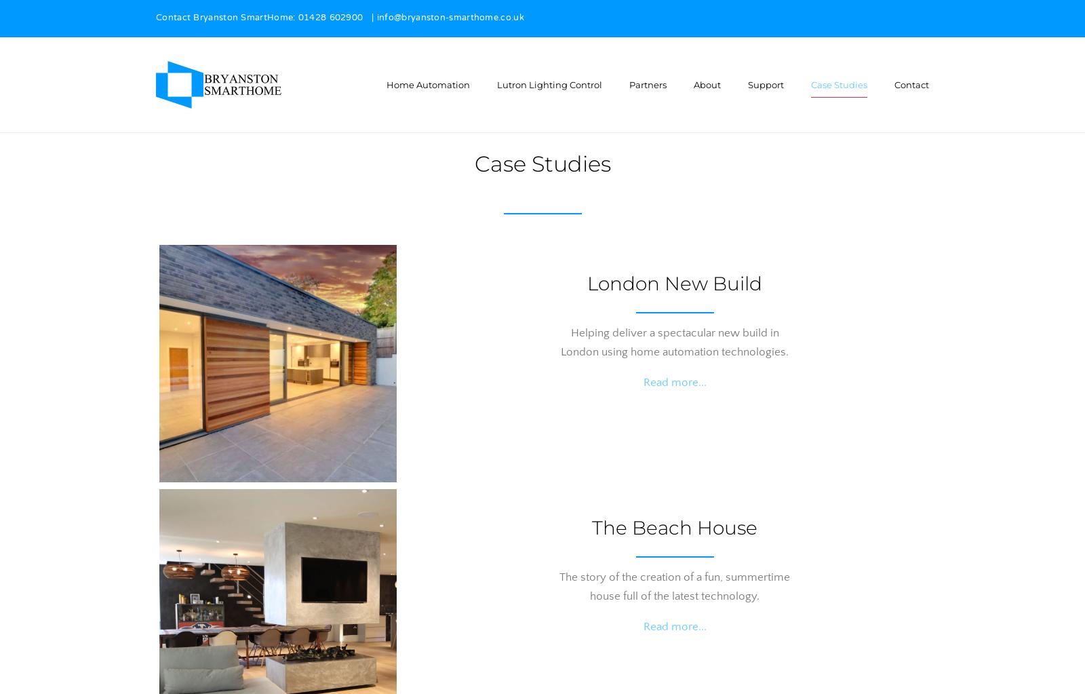  What do you see at coordinates (368, 18) in the screenshot?
I see `'|'` at bounding box center [368, 18].